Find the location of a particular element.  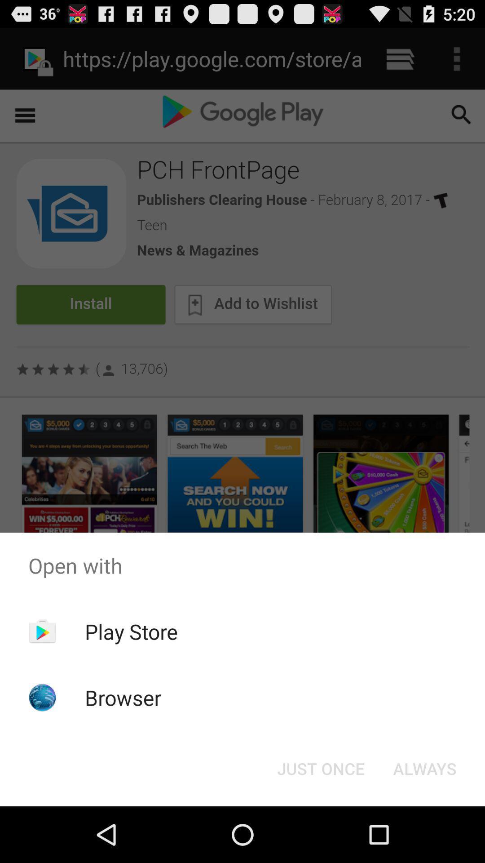

the item above browser icon is located at coordinates (131, 631).